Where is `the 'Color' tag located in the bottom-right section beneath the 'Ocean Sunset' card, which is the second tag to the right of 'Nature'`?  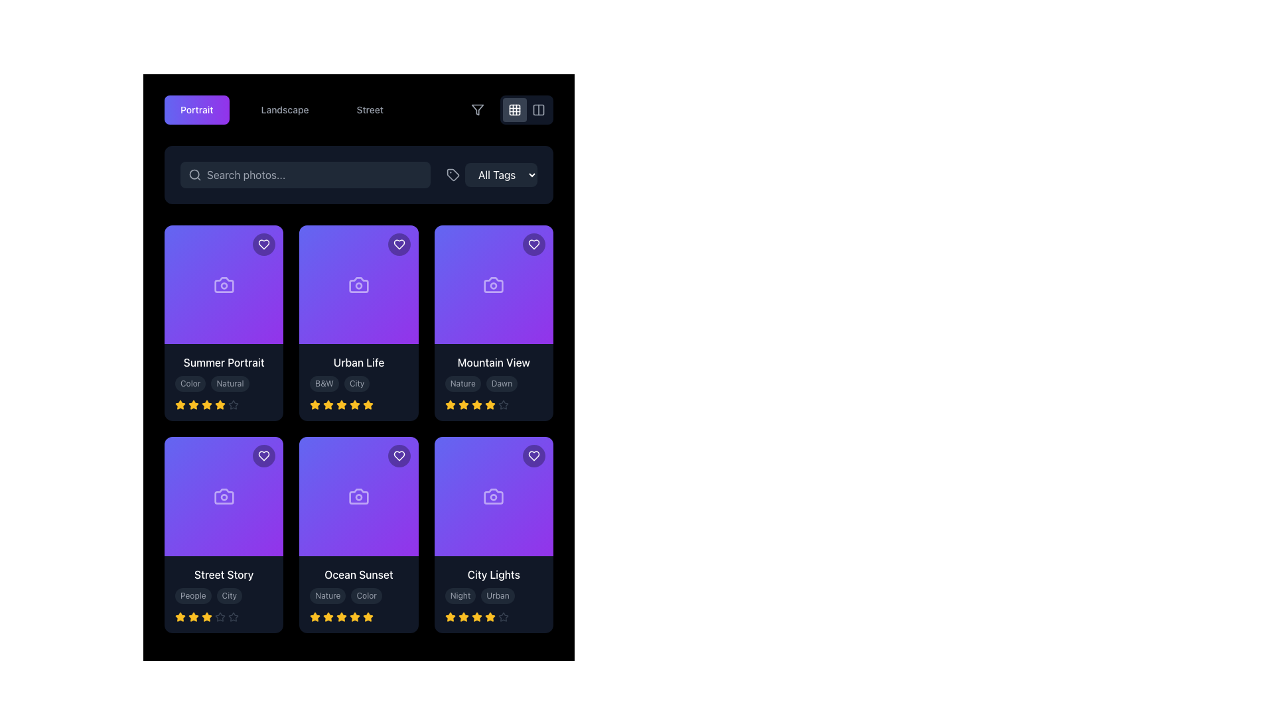 the 'Color' tag located in the bottom-right section beneath the 'Ocean Sunset' card, which is the second tag to the right of 'Nature' is located at coordinates (366, 595).